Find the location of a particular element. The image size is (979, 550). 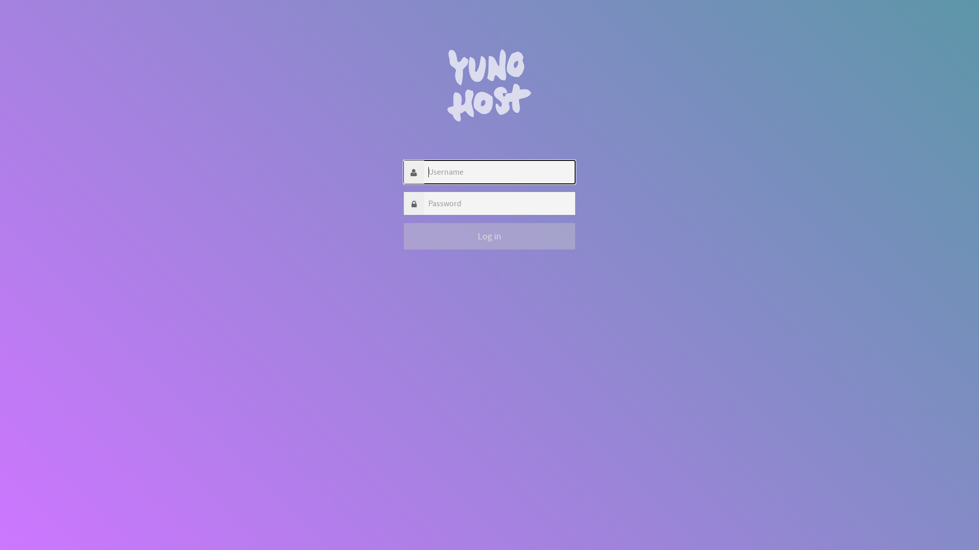

'Log in' is located at coordinates (489, 236).